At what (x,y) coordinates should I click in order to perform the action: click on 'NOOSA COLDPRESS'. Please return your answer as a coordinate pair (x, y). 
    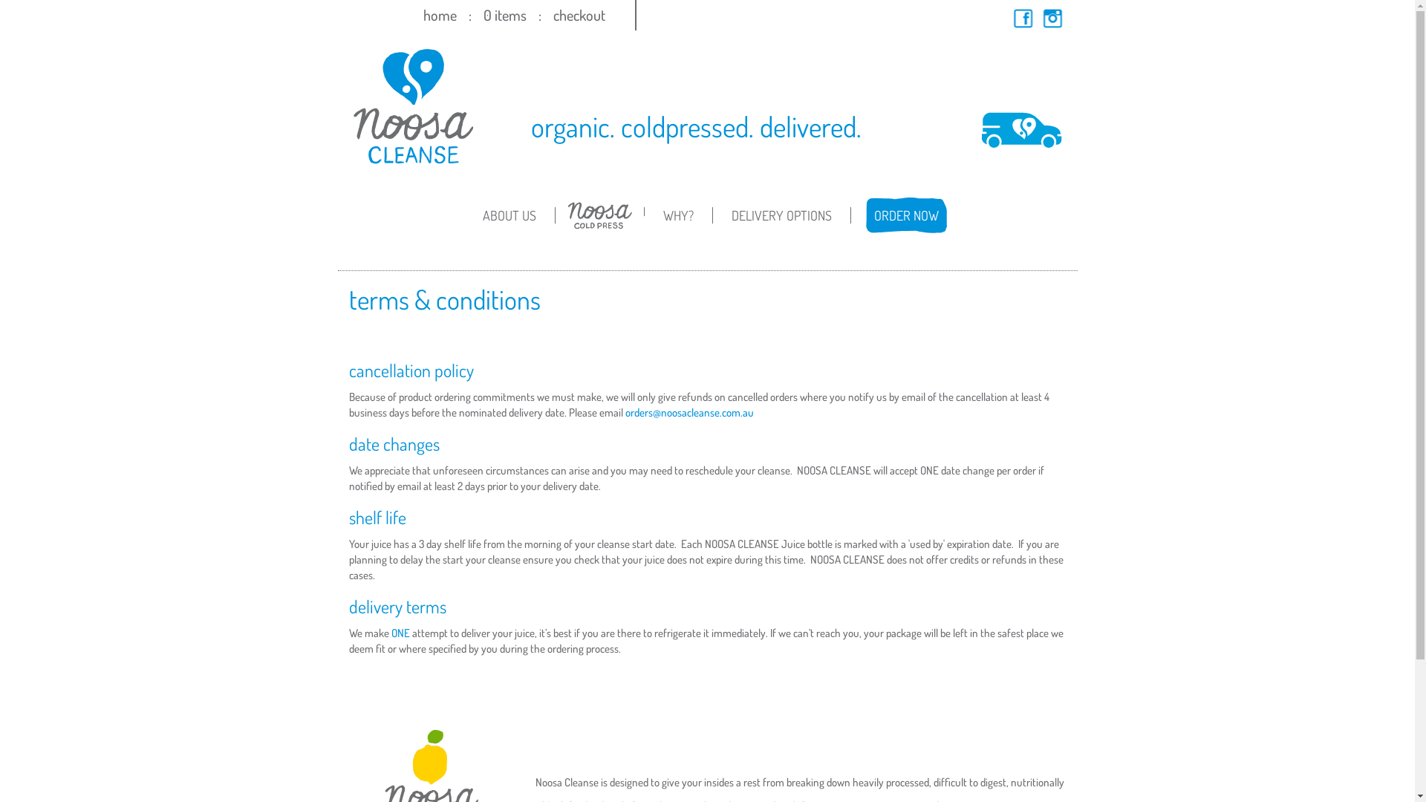
    Looking at the image, I should click on (599, 226).